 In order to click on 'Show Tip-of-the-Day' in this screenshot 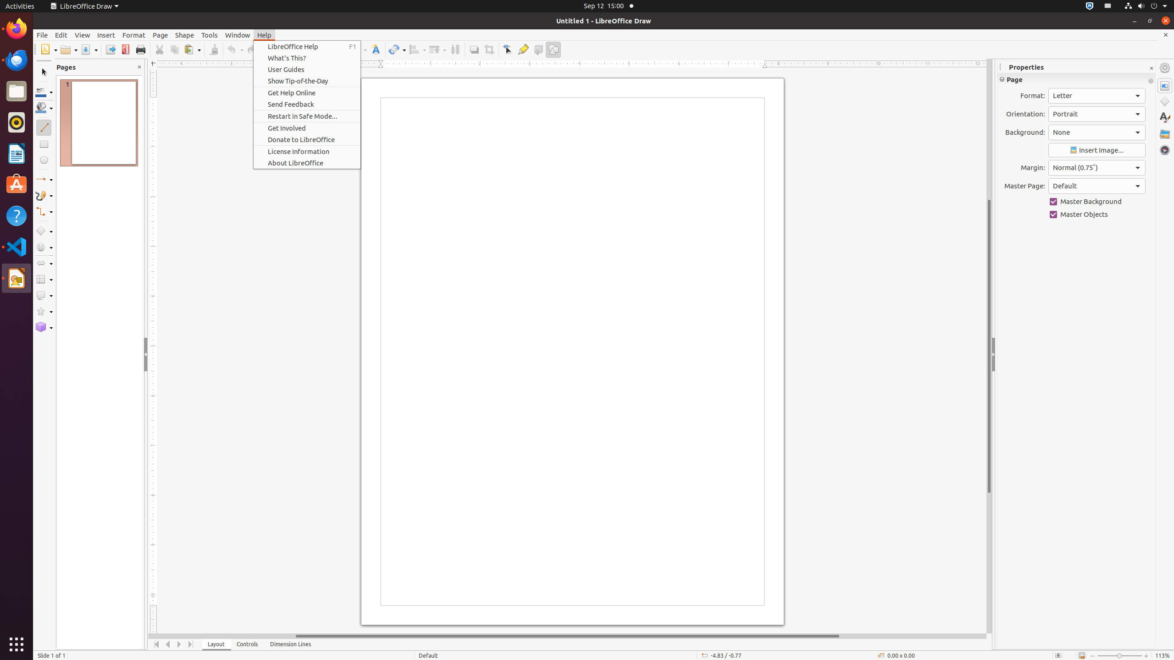, I will do `click(306, 81)`.